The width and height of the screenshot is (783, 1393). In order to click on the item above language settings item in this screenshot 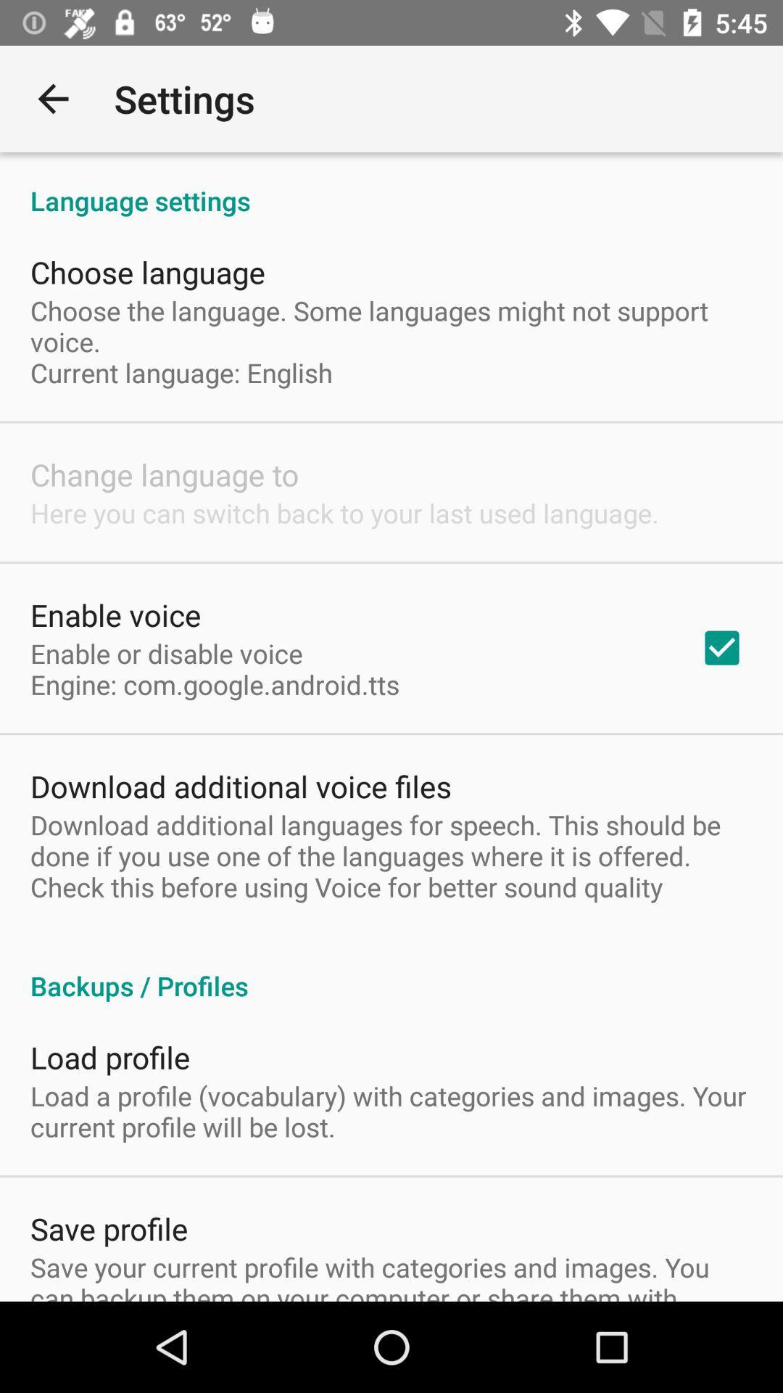, I will do `click(52, 98)`.